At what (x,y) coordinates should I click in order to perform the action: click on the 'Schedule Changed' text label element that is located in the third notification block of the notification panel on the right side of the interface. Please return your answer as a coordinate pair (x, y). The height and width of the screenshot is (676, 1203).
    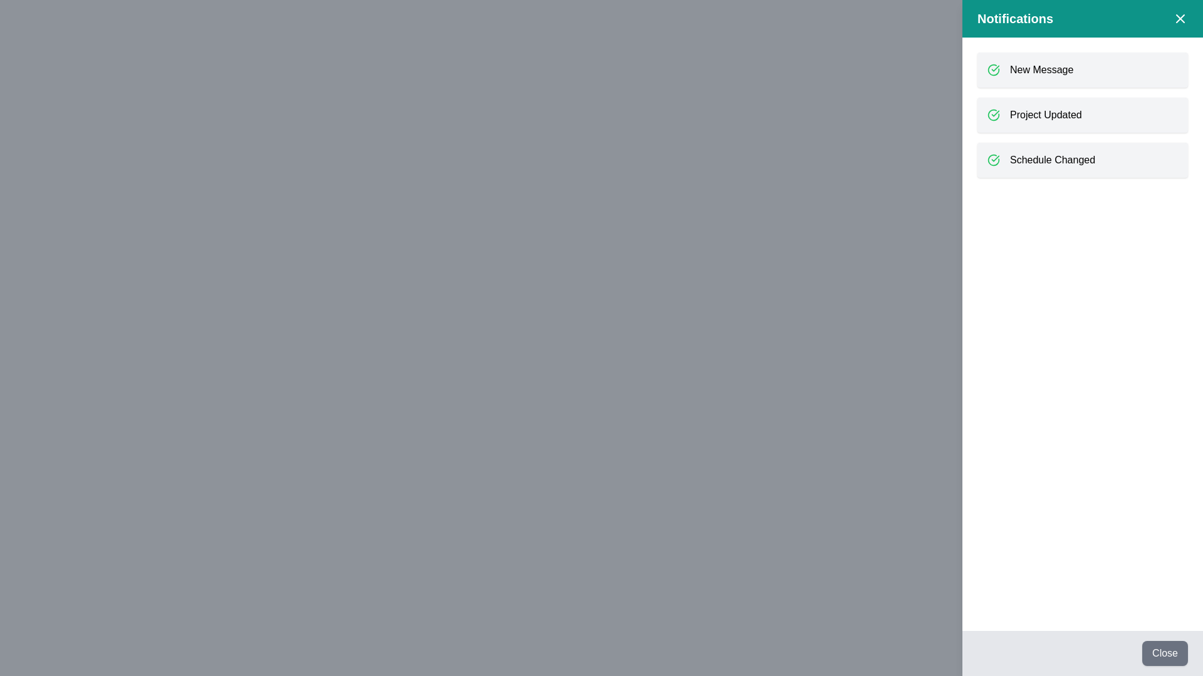
    Looking at the image, I should click on (1053, 159).